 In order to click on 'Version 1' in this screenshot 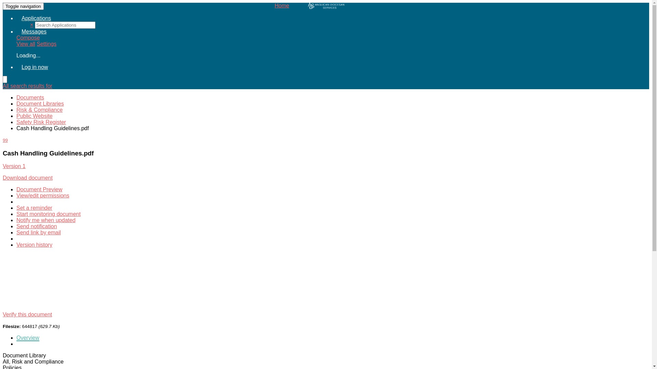, I will do `click(14, 166)`.